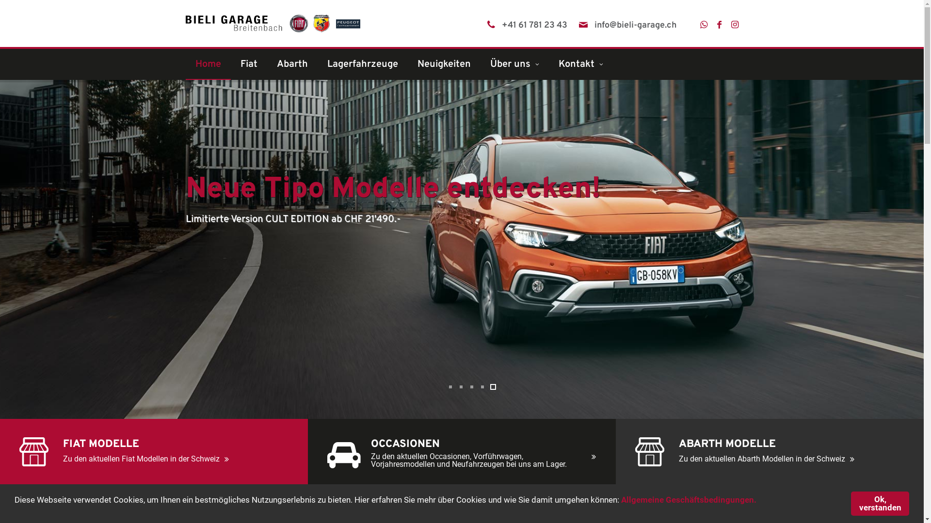 This screenshot has width=931, height=523. Describe the element at coordinates (407, 64) in the screenshot. I see `'Neuigkeiten'` at that location.